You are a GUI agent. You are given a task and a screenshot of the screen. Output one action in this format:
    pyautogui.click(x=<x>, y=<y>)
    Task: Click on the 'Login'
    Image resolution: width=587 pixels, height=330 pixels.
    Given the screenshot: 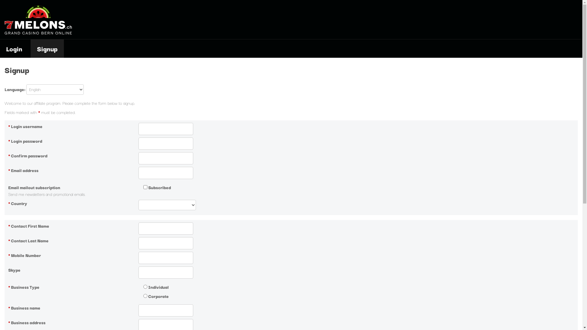 What is the action you would take?
    pyautogui.click(x=15, y=48)
    